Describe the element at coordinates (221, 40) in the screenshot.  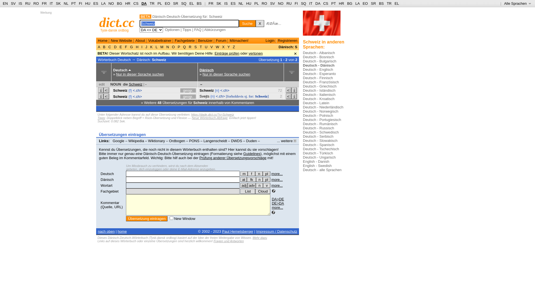
I see `'Forum'` at that location.